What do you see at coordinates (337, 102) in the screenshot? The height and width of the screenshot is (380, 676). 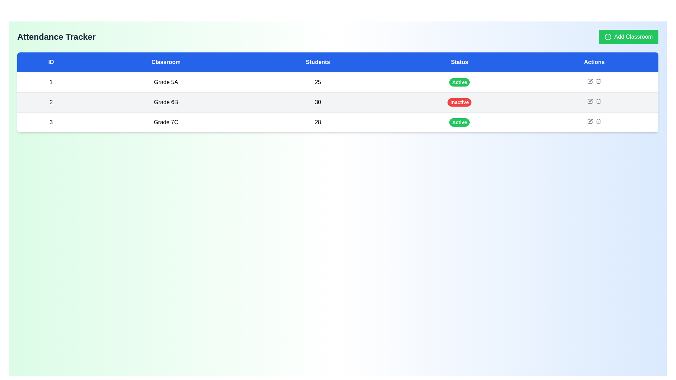 I see `anywhere in the second table row displaying details about the 'Grade 6B' classroom` at bounding box center [337, 102].